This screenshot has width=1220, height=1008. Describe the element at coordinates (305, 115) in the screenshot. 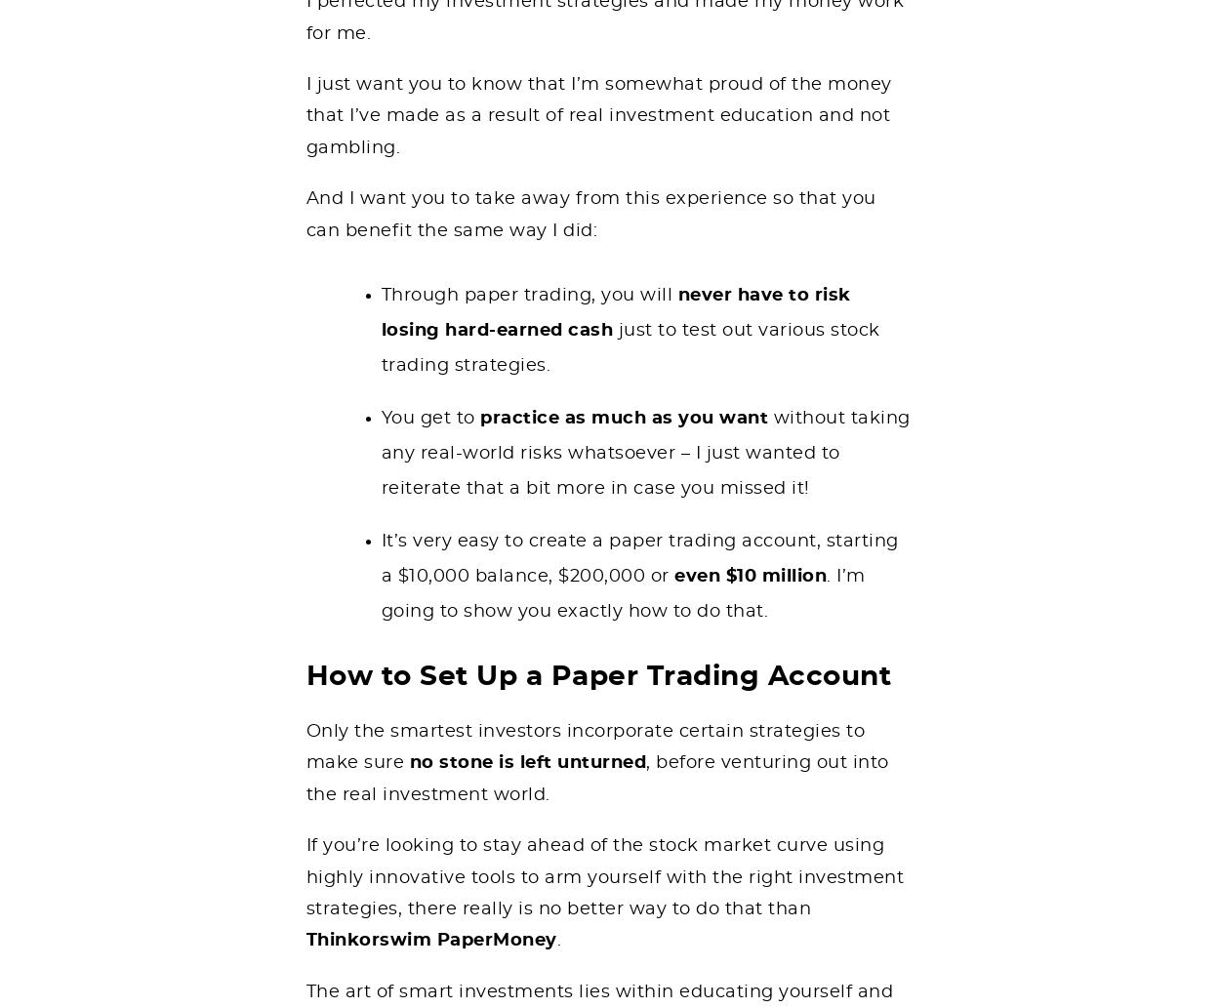

I see `'I just want you to know that I’m somewhat proud of the money that I’ve made as a result of real investment education and not gambling.'` at that location.